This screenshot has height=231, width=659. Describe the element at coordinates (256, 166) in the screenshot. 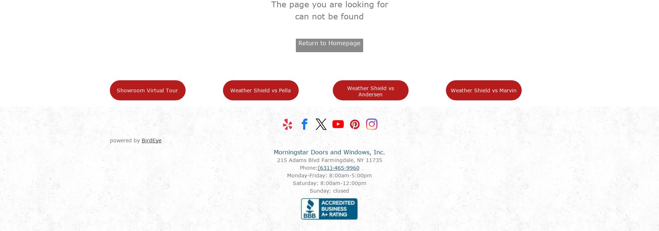

I see `'Commericial Products'` at that location.